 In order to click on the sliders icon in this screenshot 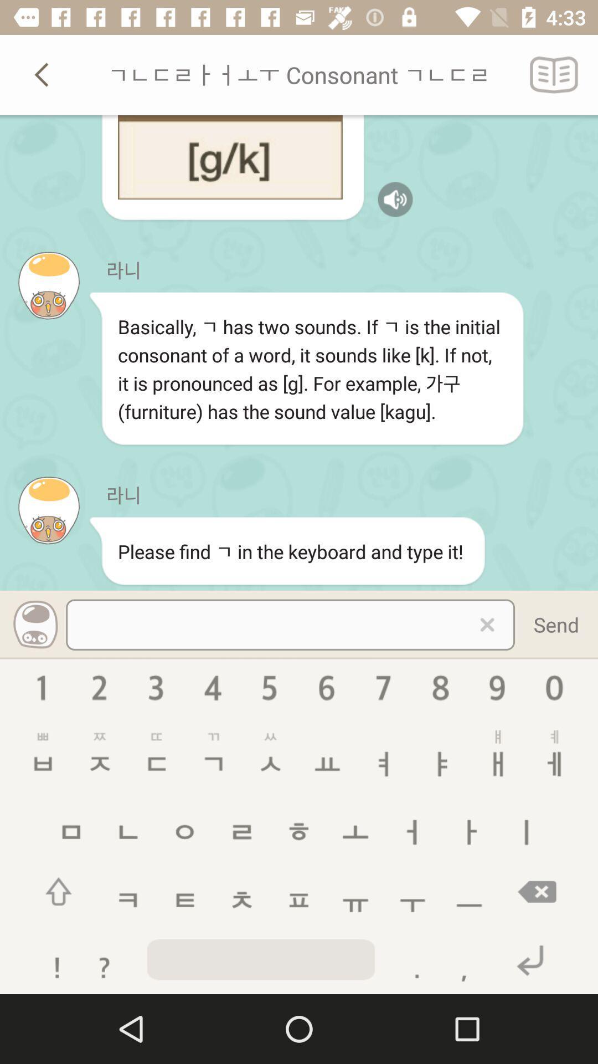, I will do `click(497, 755)`.